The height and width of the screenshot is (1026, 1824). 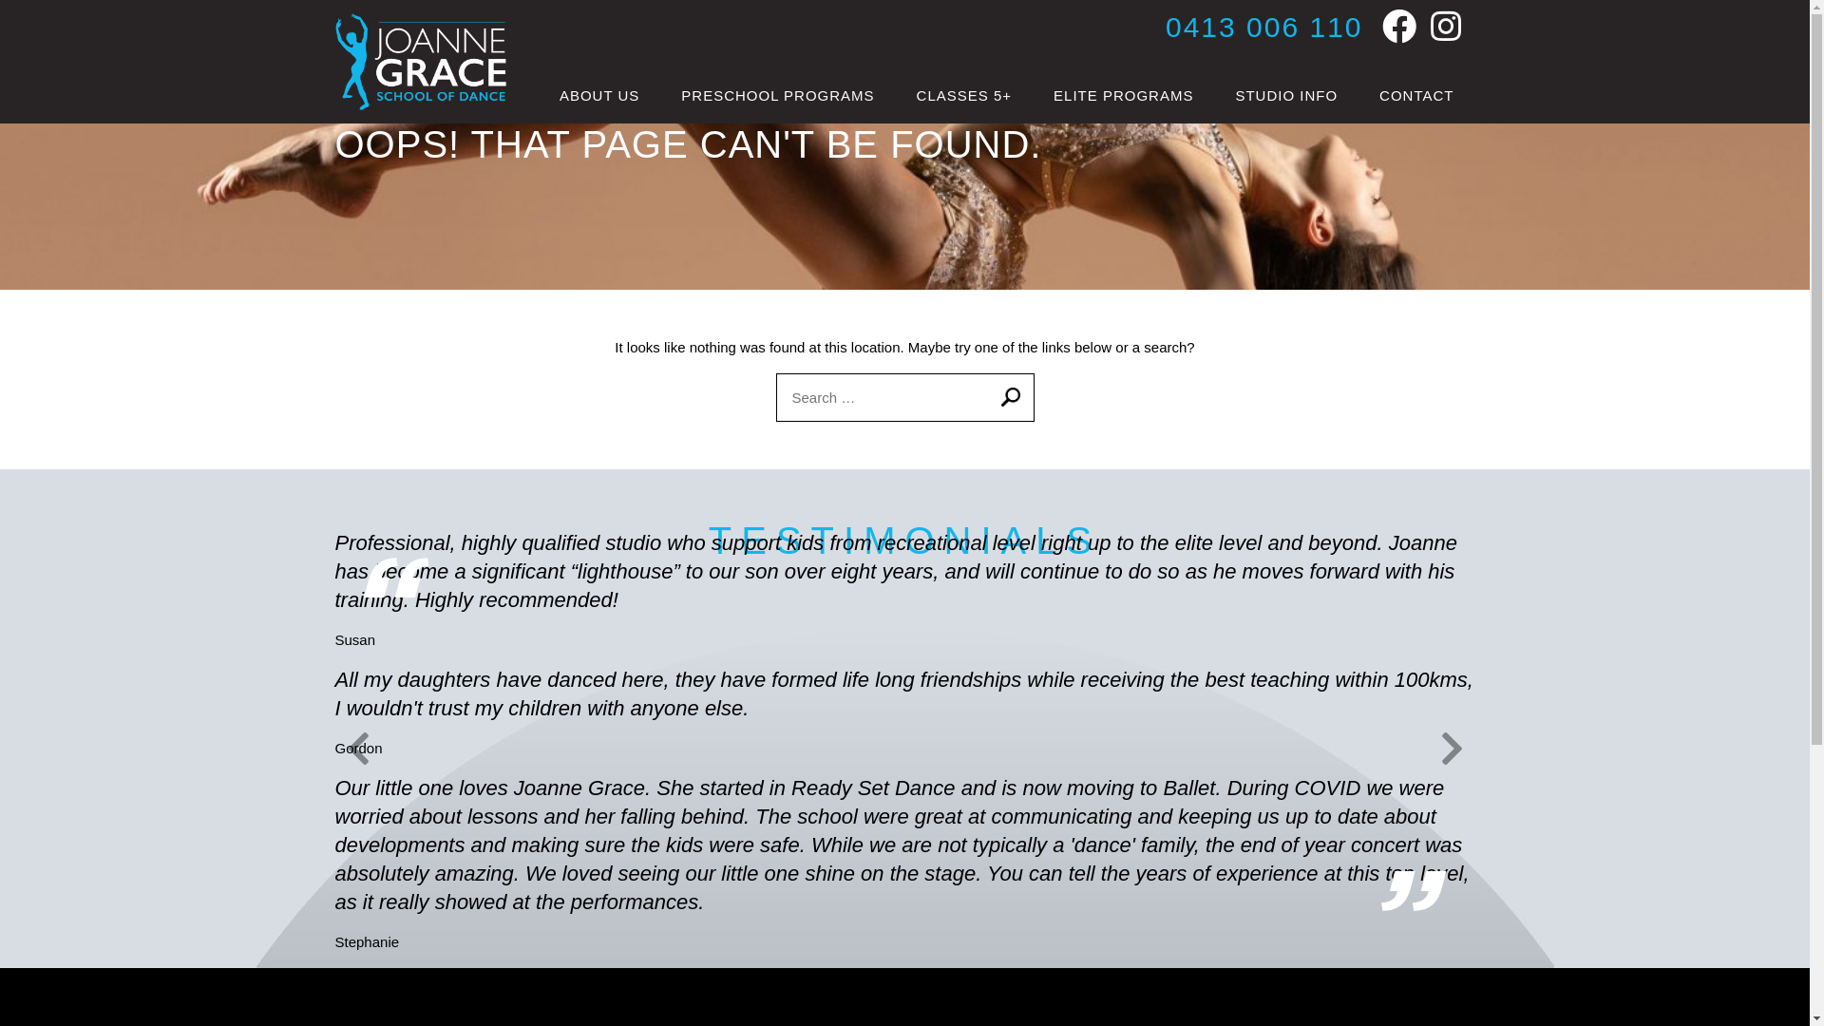 I want to click on 'ABOUT US', so click(x=598, y=95).